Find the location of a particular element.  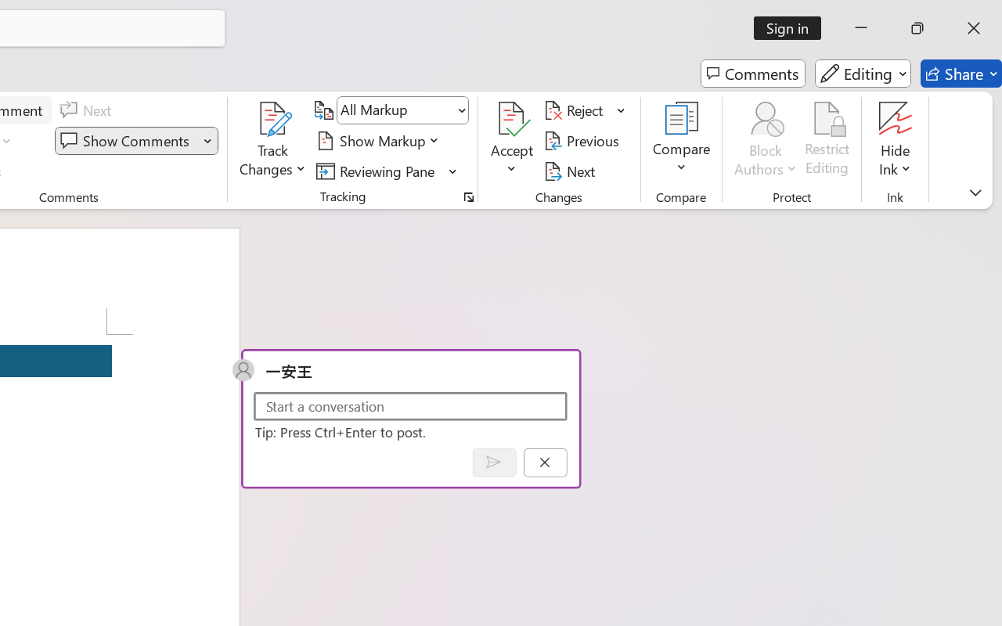

'Reviewing Pane' is located at coordinates (378, 171).